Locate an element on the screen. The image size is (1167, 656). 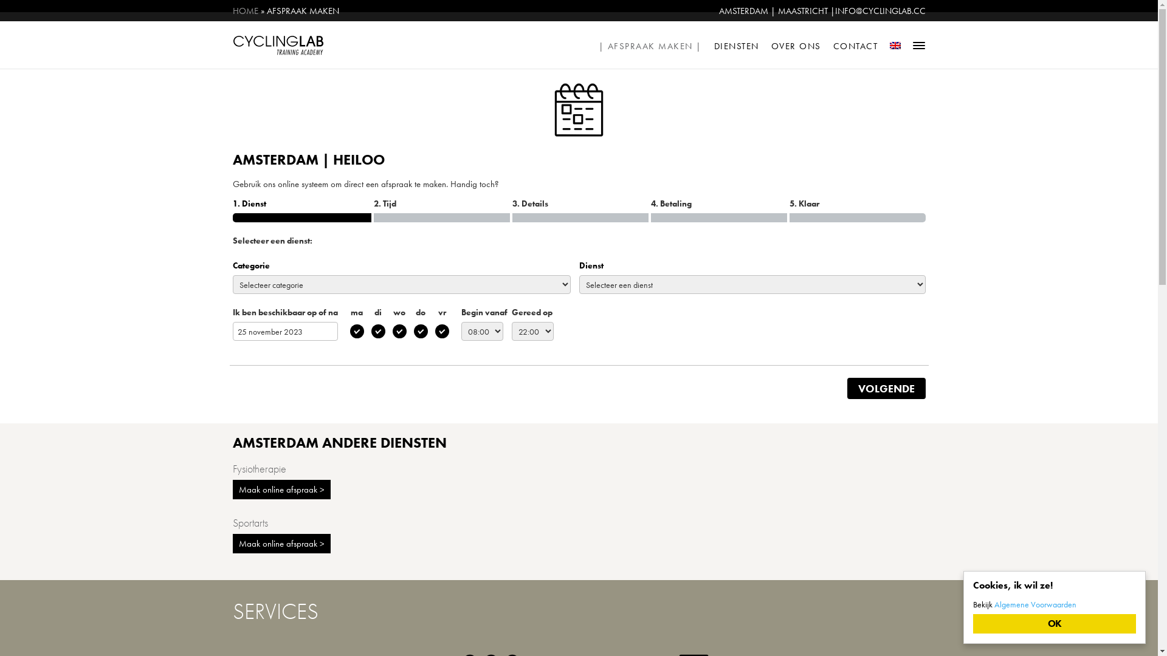
'OK' is located at coordinates (1053, 623).